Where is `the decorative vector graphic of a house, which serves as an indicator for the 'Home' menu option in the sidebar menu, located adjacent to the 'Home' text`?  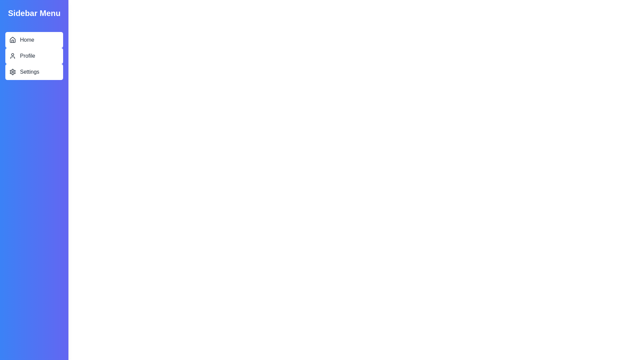
the decorative vector graphic of a house, which serves as an indicator for the 'Home' menu option in the sidebar menu, located adjacent to the 'Home' text is located at coordinates (13, 40).